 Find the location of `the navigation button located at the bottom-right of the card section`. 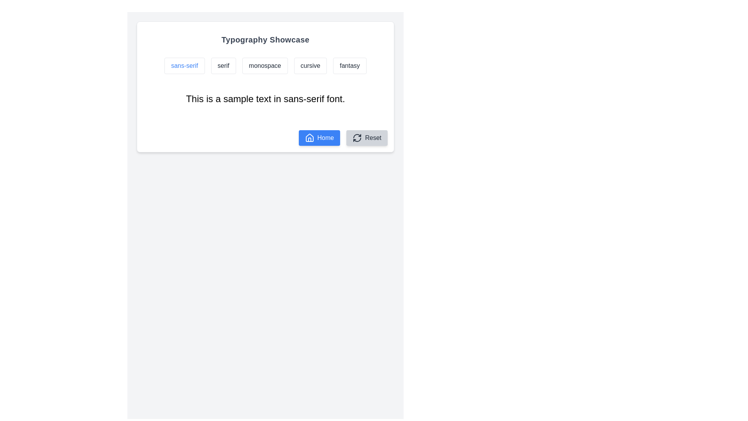

the navigation button located at the bottom-right of the card section is located at coordinates (319, 138).